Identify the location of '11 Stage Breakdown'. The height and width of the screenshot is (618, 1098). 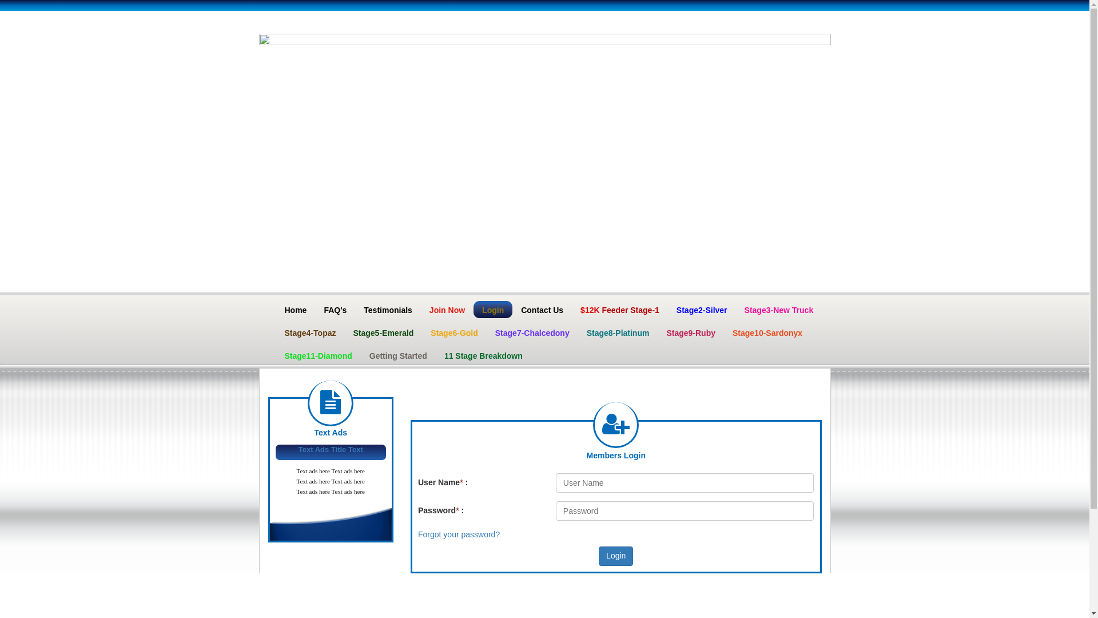
(483, 355).